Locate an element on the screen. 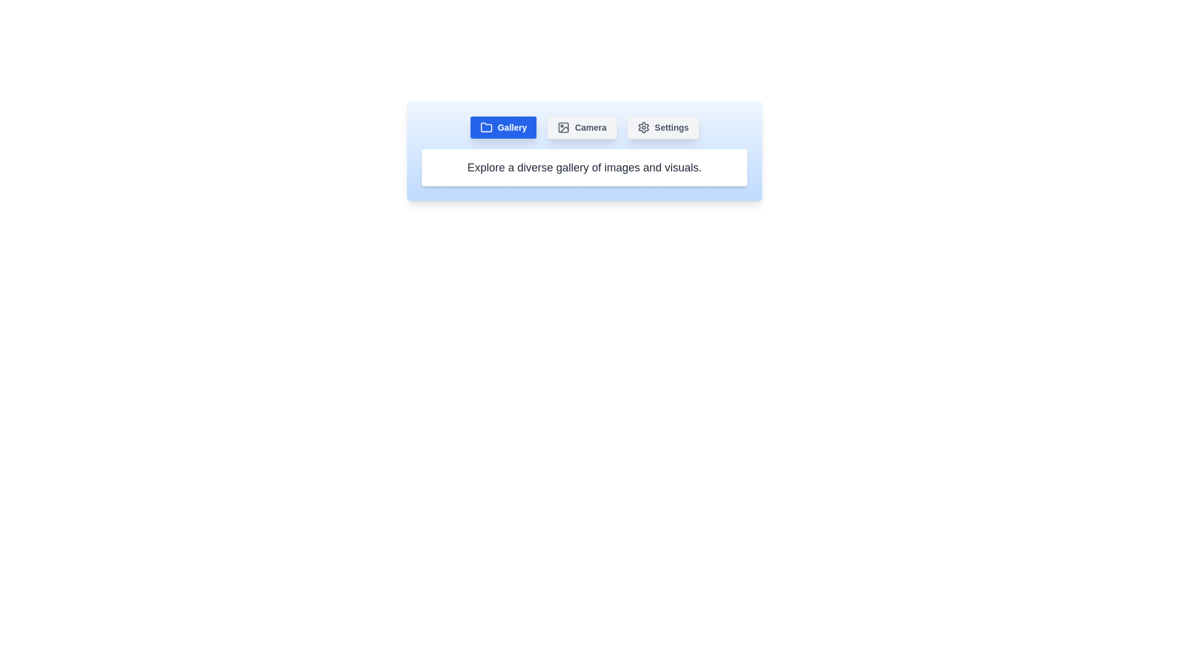 Image resolution: width=1184 pixels, height=666 pixels. the text label within the button that serves as a label for the settings button is located at coordinates (671, 128).